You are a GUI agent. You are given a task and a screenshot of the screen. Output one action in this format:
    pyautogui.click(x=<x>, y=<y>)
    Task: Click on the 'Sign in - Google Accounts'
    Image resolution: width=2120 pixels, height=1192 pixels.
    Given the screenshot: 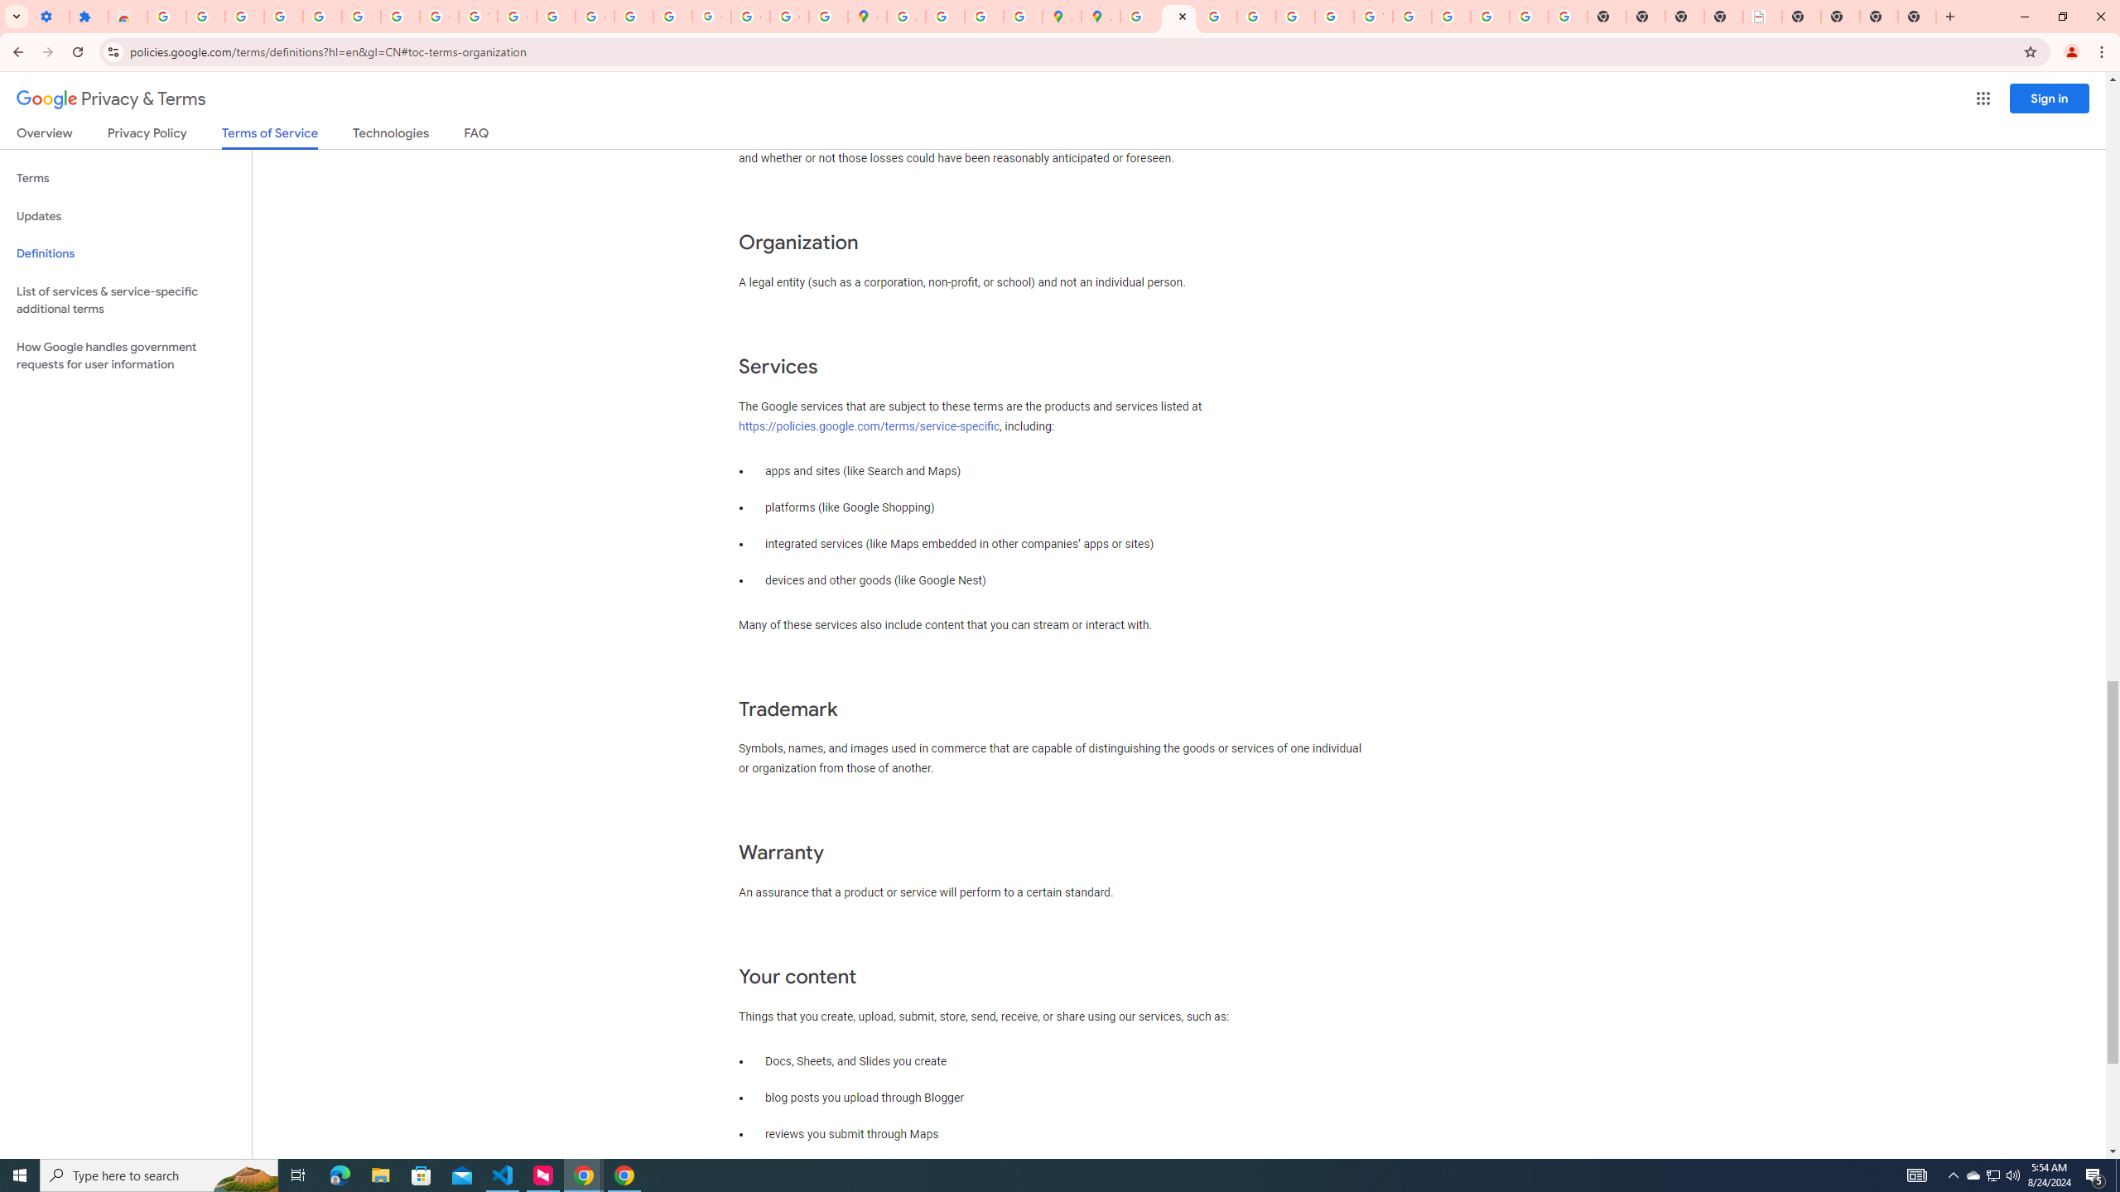 What is the action you would take?
    pyautogui.click(x=165, y=16)
    